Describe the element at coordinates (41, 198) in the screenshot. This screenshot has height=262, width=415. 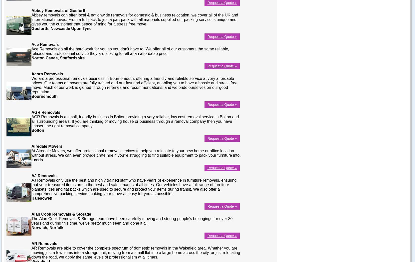
I see `'Halesowen'` at that location.